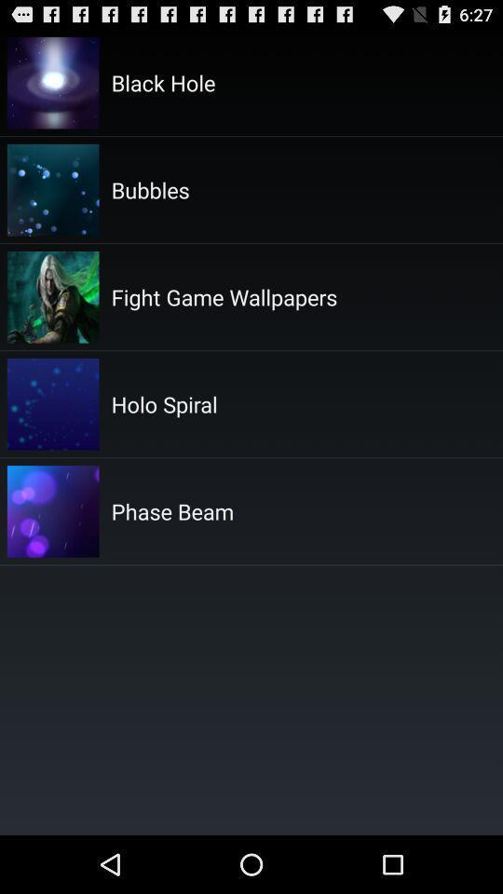 This screenshot has width=503, height=894. What do you see at coordinates (224, 296) in the screenshot?
I see `icon at the top` at bounding box center [224, 296].